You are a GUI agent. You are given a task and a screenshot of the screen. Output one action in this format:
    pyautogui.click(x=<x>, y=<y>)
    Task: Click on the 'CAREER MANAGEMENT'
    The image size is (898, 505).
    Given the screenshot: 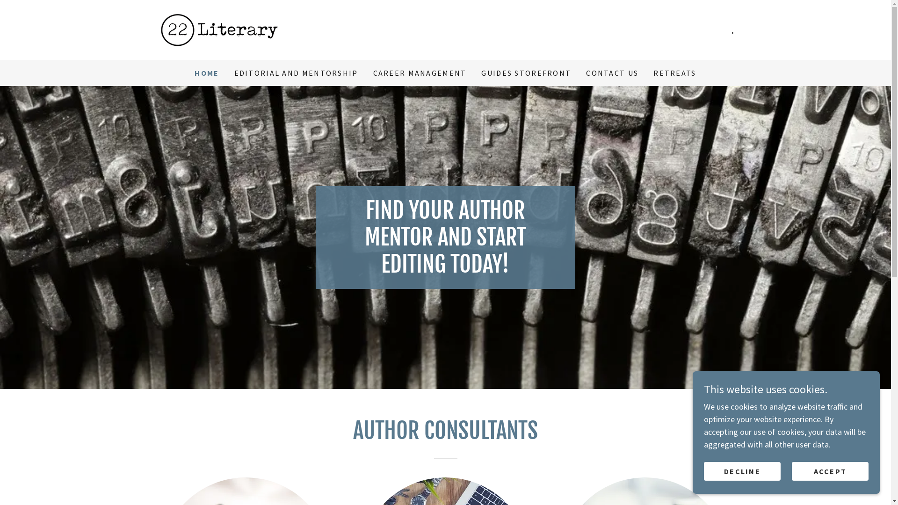 What is the action you would take?
    pyautogui.click(x=419, y=72)
    